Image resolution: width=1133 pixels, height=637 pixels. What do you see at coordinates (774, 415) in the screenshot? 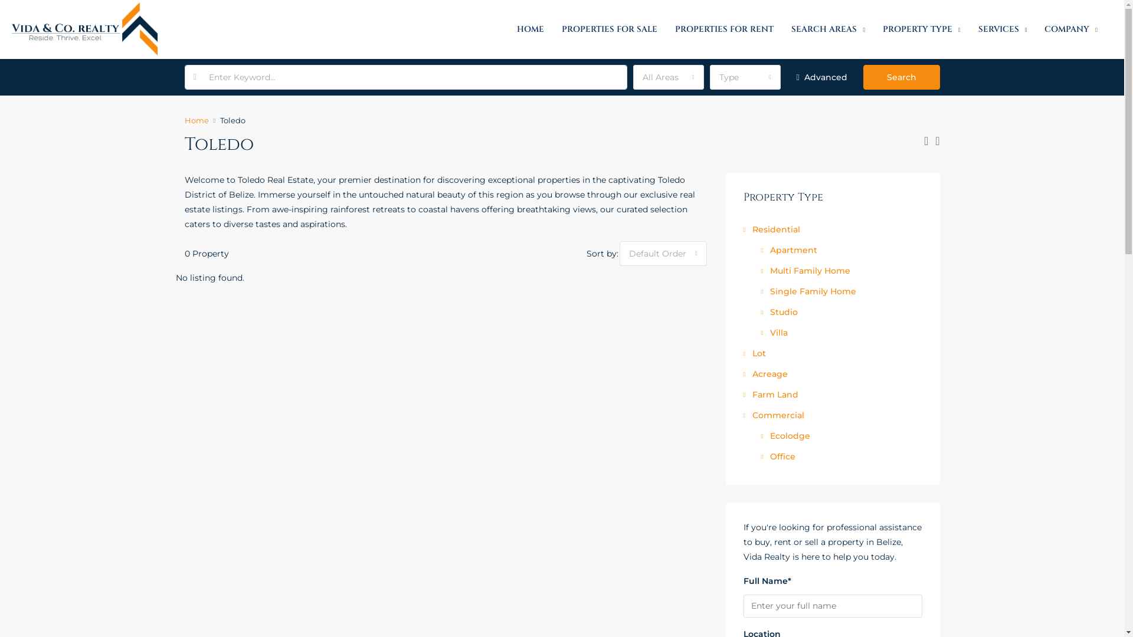
I see `'Commercial'` at bounding box center [774, 415].